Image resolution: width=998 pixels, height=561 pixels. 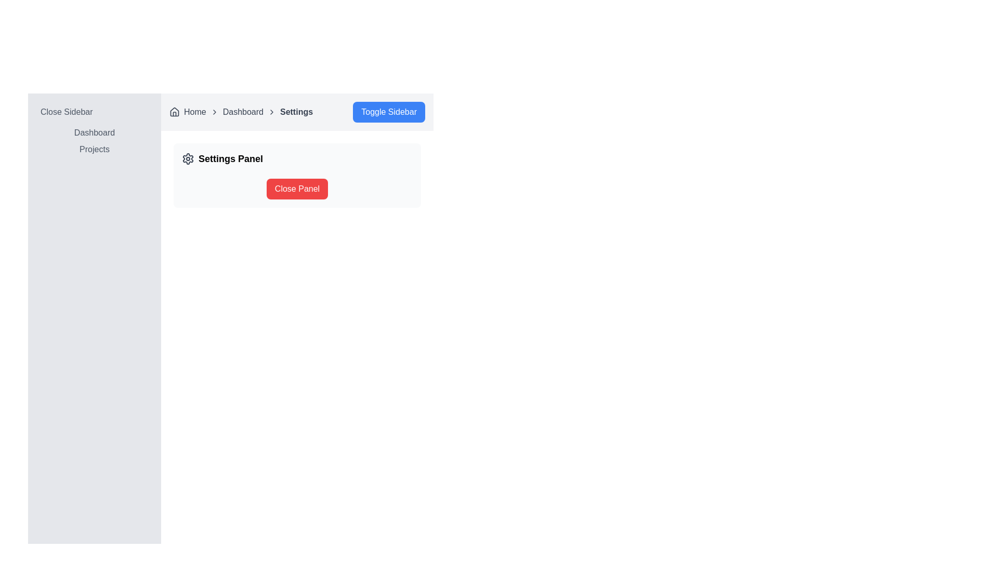 What do you see at coordinates (195, 112) in the screenshot?
I see `the 'Home' hyperlink in the breadcrumb navigation bar` at bounding box center [195, 112].